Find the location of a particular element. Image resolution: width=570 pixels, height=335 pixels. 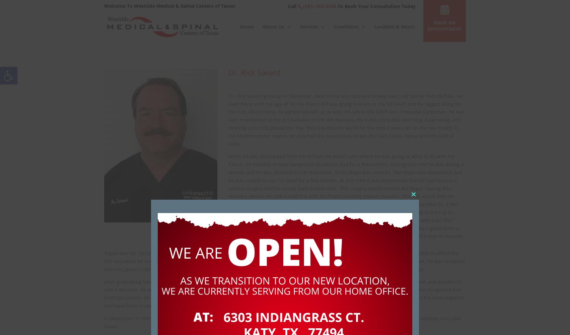

'Success Stories' is located at coordinates (293, 96).